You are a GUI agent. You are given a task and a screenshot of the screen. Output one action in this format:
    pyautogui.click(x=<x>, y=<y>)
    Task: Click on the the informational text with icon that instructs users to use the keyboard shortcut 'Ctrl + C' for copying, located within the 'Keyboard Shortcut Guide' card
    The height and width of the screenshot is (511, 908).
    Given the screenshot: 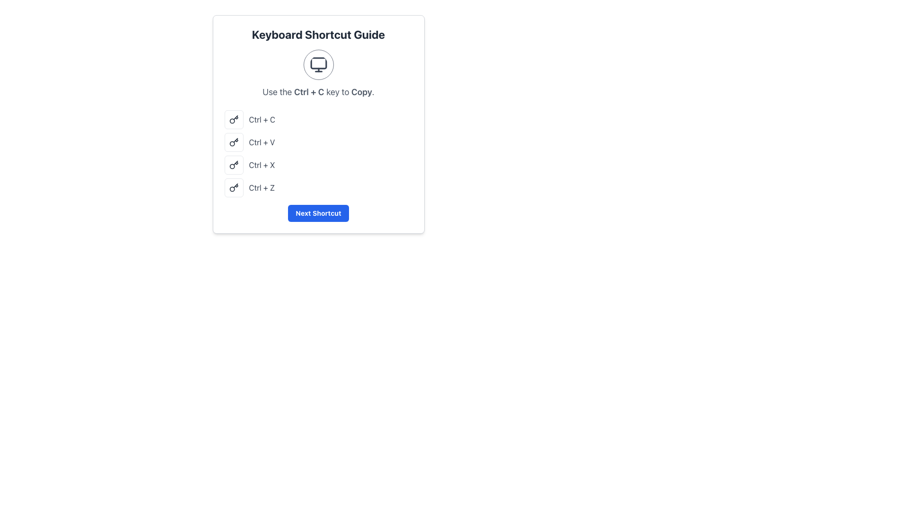 What is the action you would take?
    pyautogui.click(x=318, y=74)
    